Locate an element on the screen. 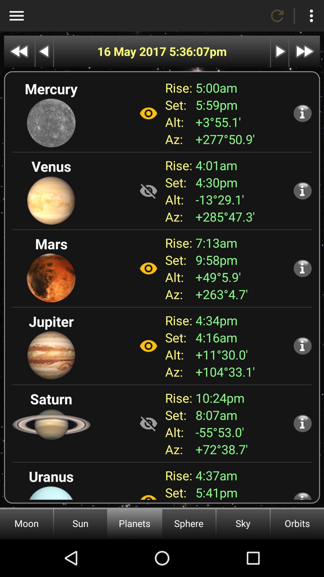 The width and height of the screenshot is (324, 577). notification is located at coordinates (302, 423).